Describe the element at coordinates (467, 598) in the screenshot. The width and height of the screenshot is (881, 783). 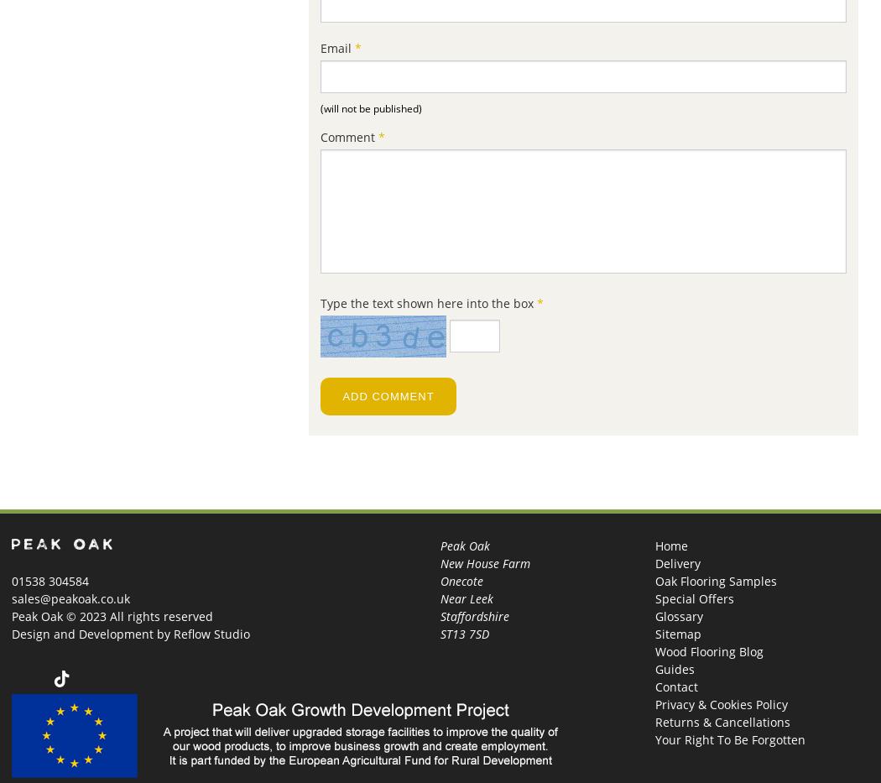
I see `'Near Leek'` at that location.